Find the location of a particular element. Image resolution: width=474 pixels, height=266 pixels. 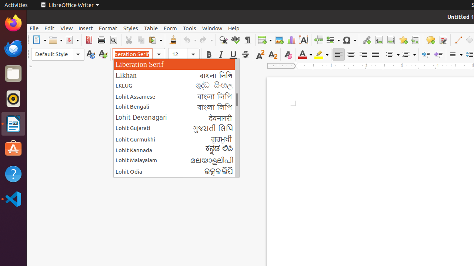

'Chart' is located at coordinates (291, 40).